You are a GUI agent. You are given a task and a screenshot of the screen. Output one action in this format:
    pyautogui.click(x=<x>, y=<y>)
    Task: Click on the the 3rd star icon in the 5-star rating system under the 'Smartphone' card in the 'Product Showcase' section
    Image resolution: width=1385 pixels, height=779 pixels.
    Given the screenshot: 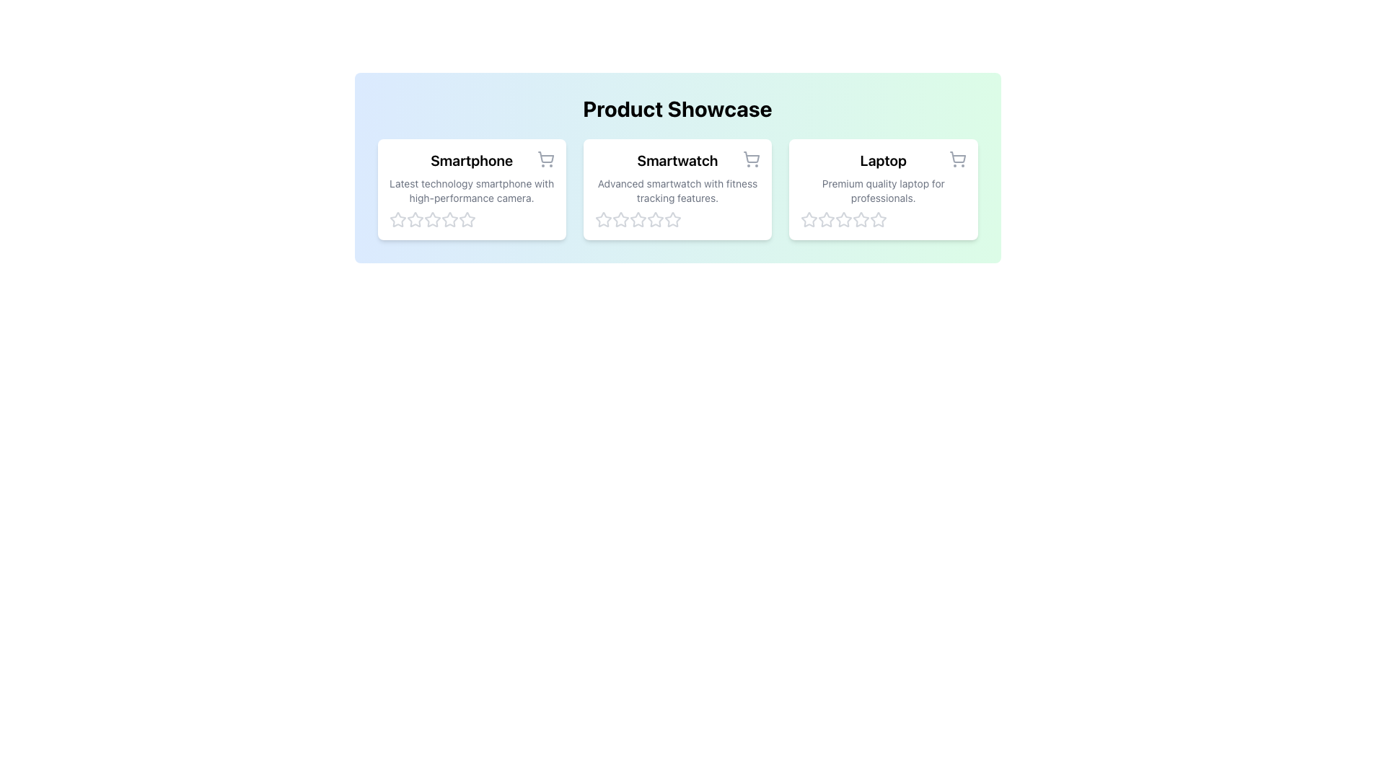 What is the action you would take?
    pyautogui.click(x=431, y=219)
    